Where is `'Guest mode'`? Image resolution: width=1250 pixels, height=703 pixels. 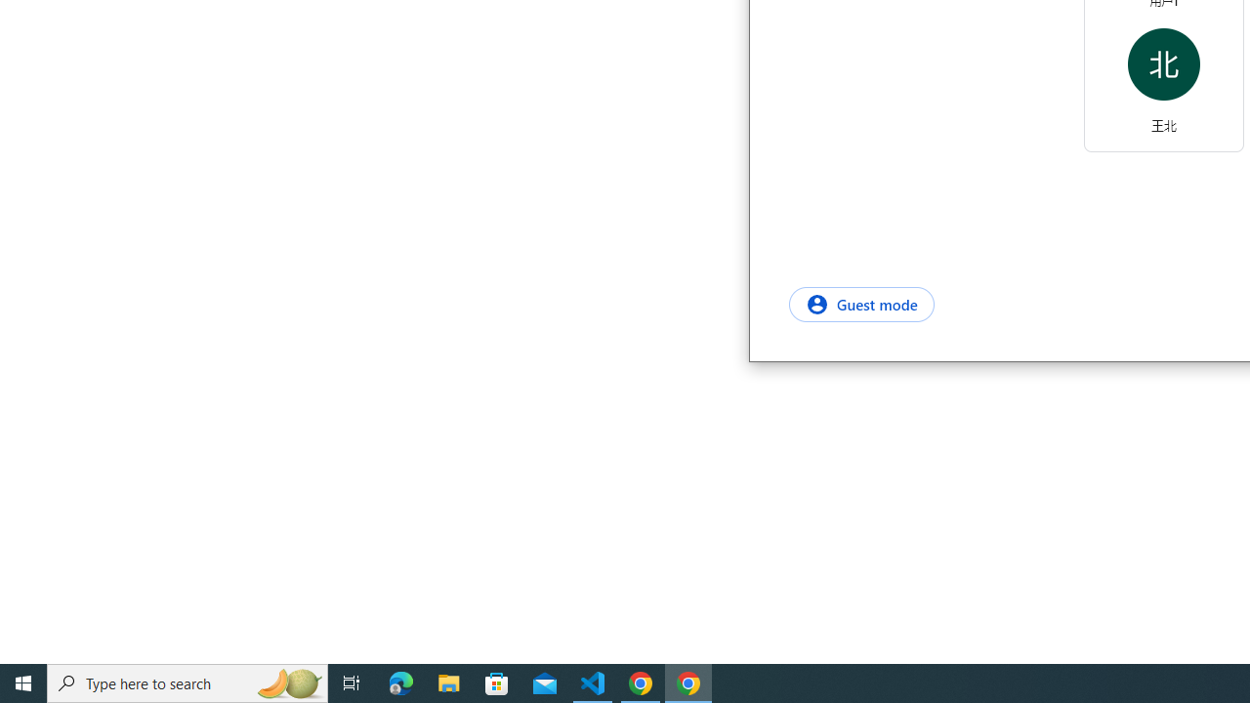
'Guest mode' is located at coordinates (860, 304).